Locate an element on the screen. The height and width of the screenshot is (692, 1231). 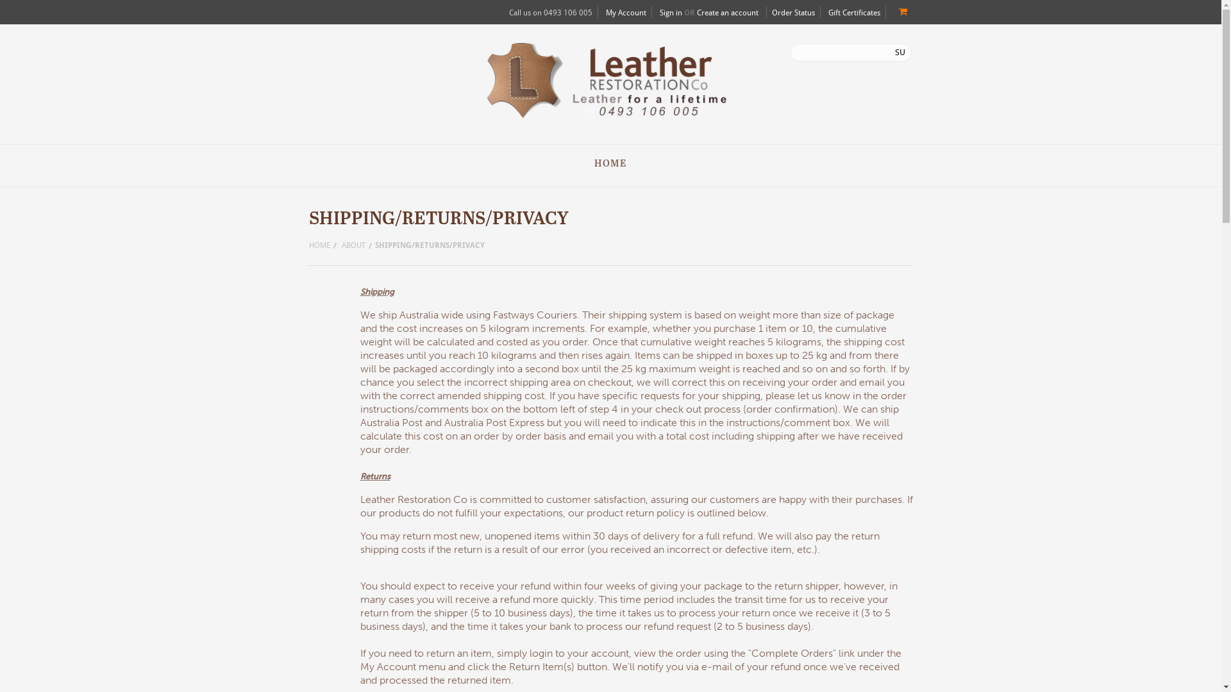
'HOME' is located at coordinates (322, 245).